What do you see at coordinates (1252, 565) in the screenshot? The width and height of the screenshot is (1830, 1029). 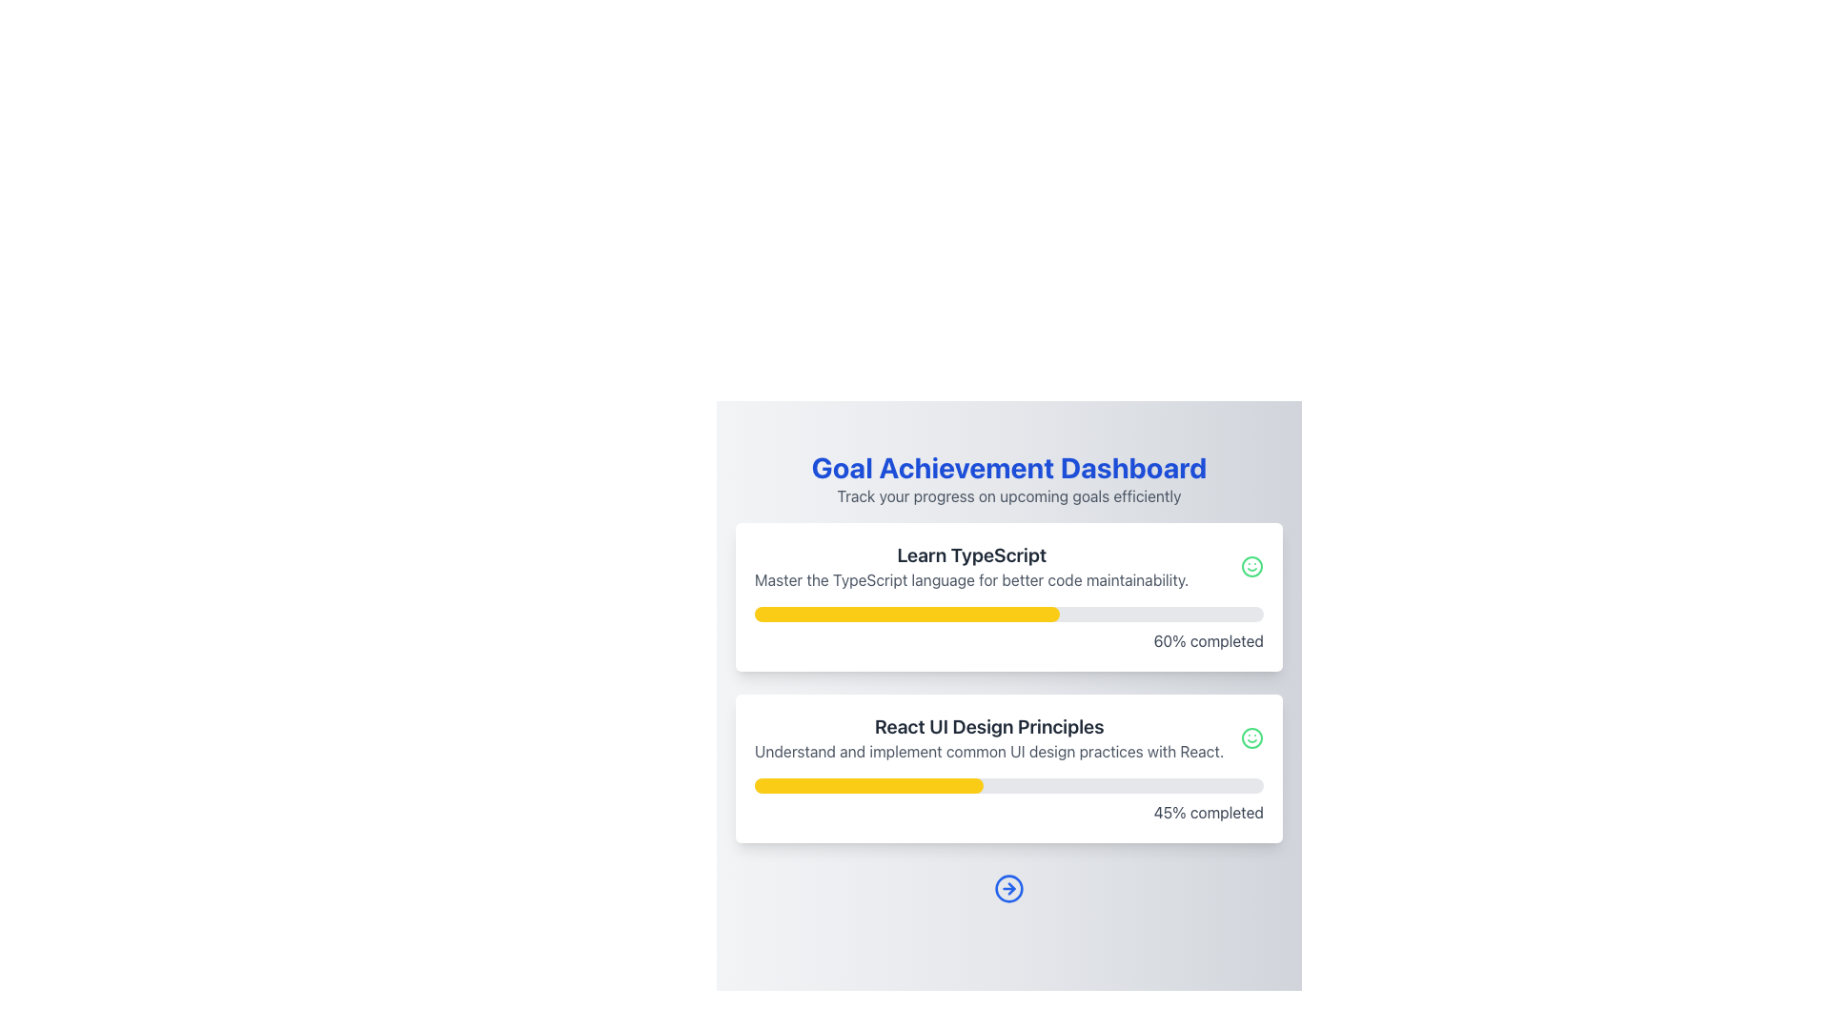 I see `the circular outline of the smiley face icon located near the top-right edge of the 'Learn TypeScript' completion bar in the progress dashboard` at bounding box center [1252, 565].